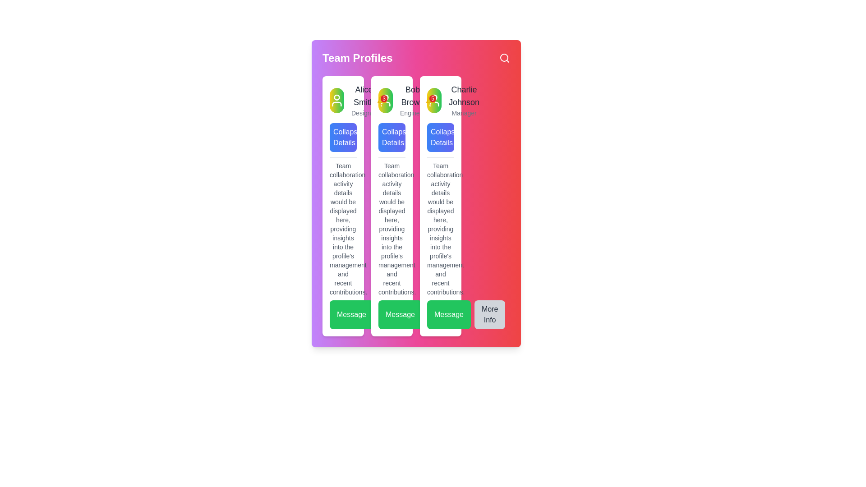  What do you see at coordinates (464, 96) in the screenshot?
I see `the text label displaying 'Charlie Johnson' in bold and larger font located at the upper-right corner of the profile section` at bounding box center [464, 96].